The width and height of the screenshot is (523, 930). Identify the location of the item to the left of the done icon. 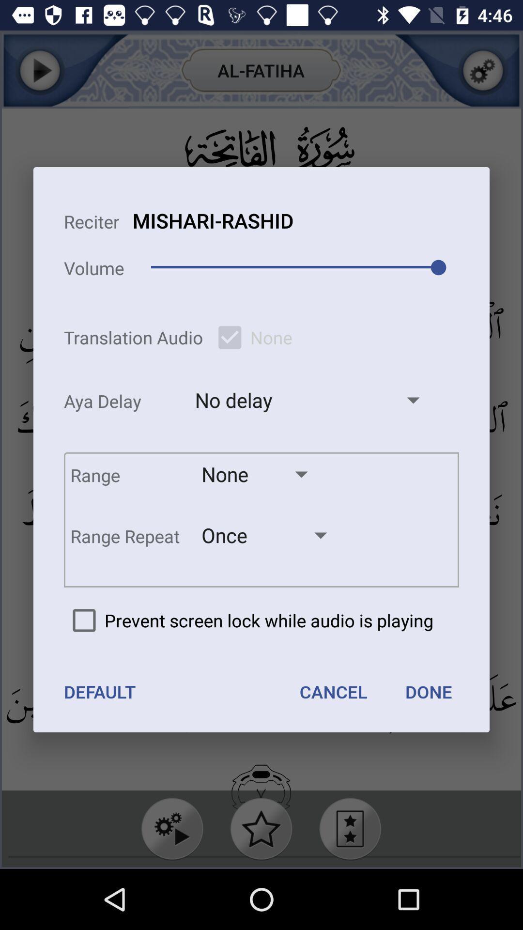
(333, 691).